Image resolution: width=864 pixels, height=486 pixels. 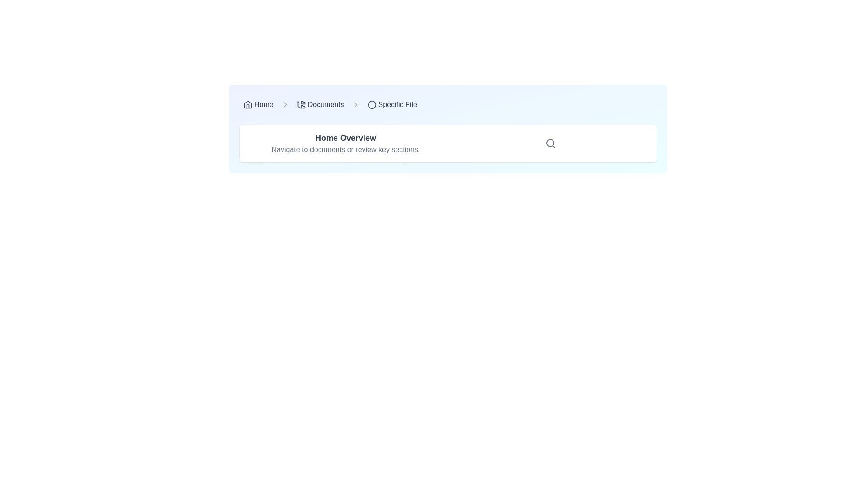 What do you see at coordinates (248, 104) in the screenshot?
I see `the 'Home' icon in the breadcrumb navigation bar` at bounding box center [248, 104].